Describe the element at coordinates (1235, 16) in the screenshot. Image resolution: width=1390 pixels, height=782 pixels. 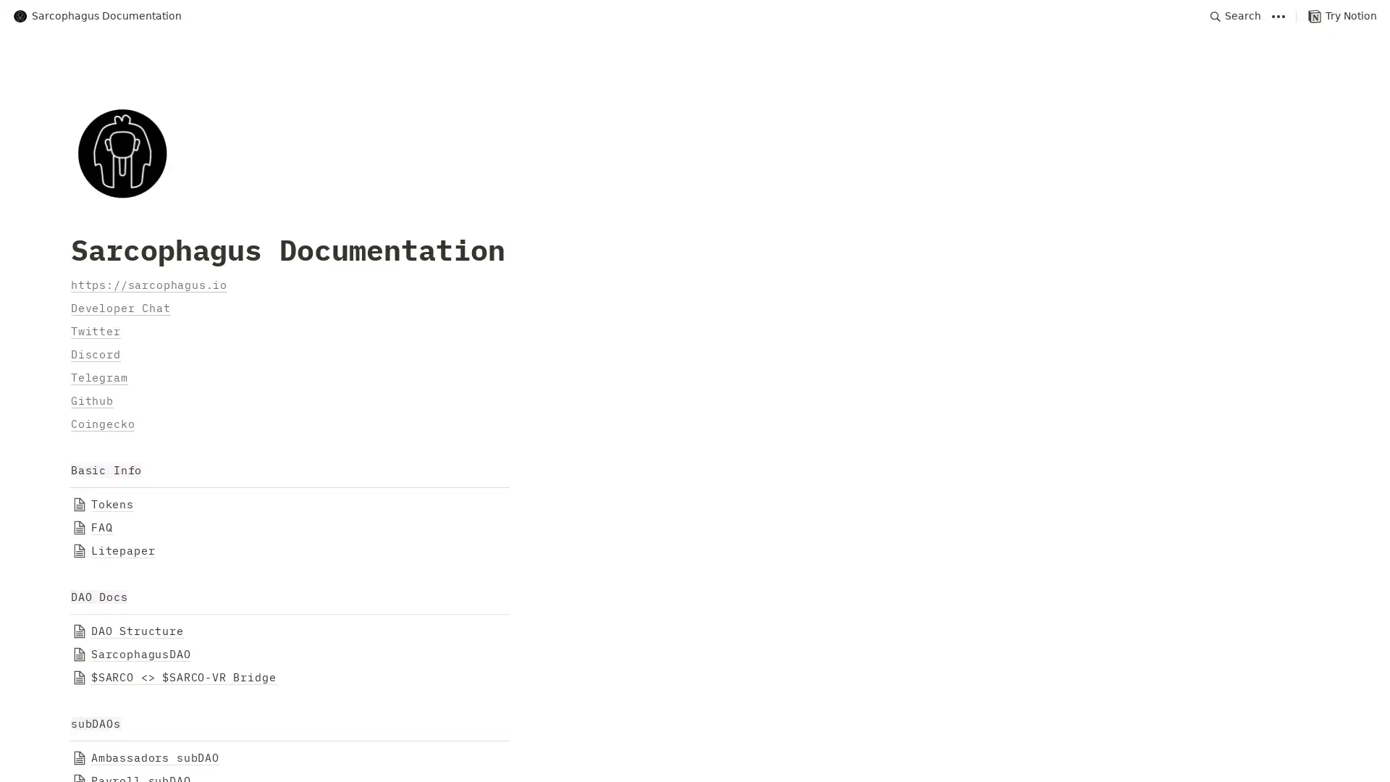
I see `Search` at that location.